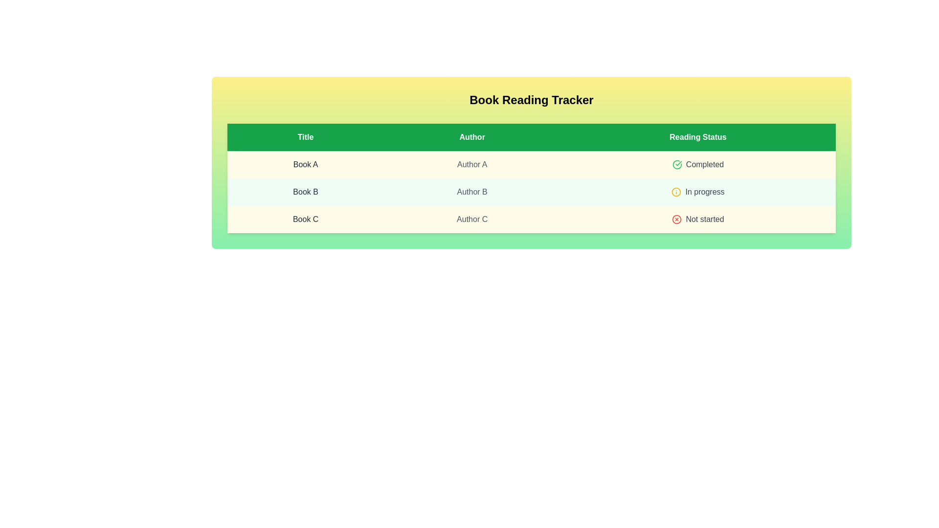  I want to click on the row corresponding to Book B, so click(531, 192).